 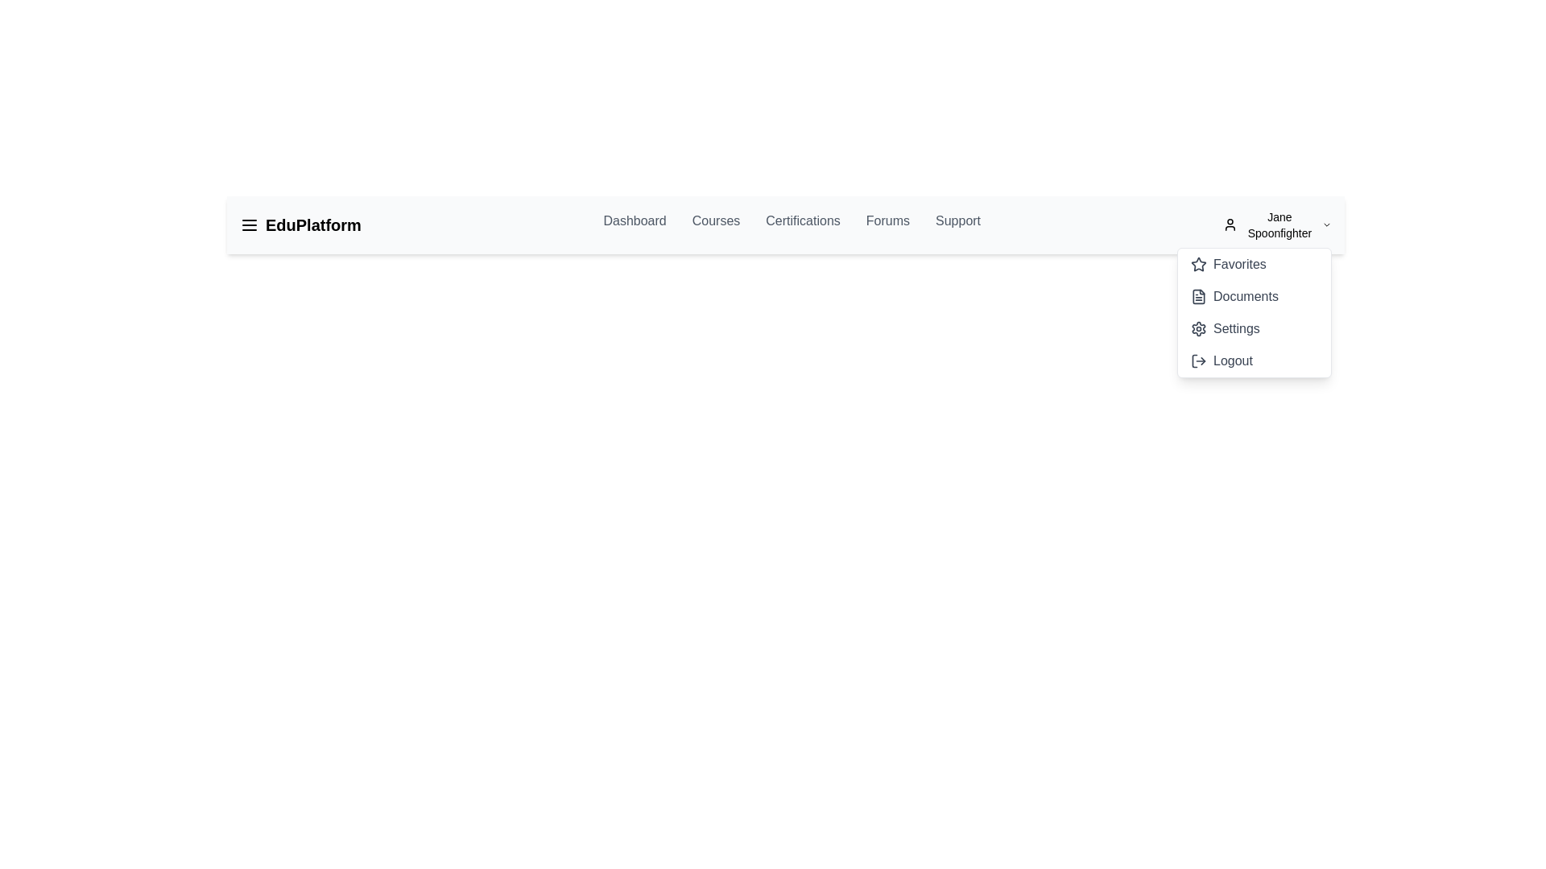 I want to click on the Dropdown Menu Toggle element labeled 'Jane Spoonfighter' in the top-right of the navigation bar to interact with it, so click(x=1276, y=225).